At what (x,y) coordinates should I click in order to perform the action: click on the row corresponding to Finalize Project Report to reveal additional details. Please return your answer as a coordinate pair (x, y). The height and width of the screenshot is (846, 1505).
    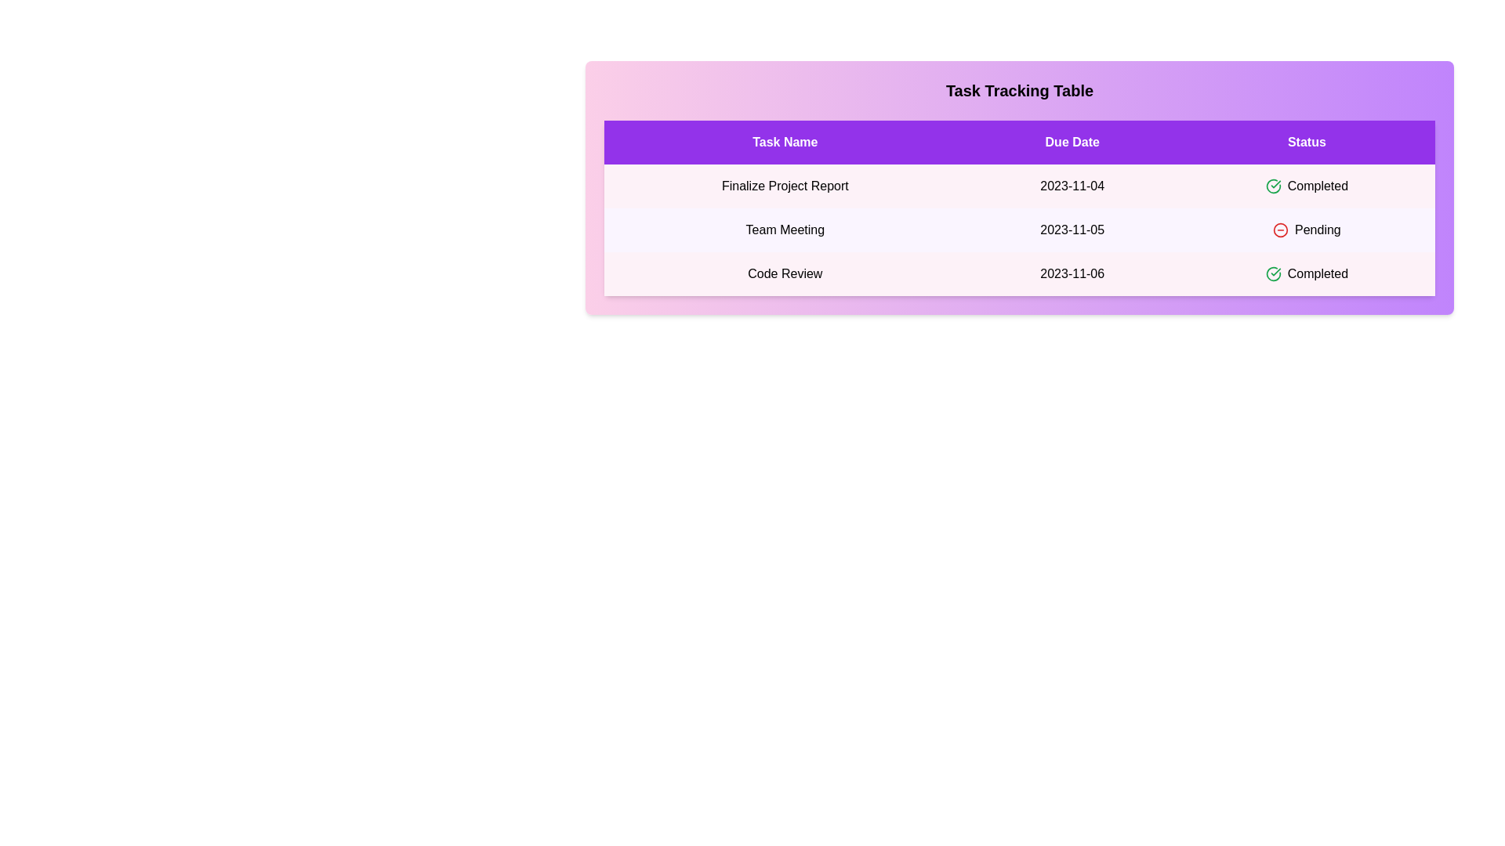
    Looking at the image, I should click on (1019, 186).